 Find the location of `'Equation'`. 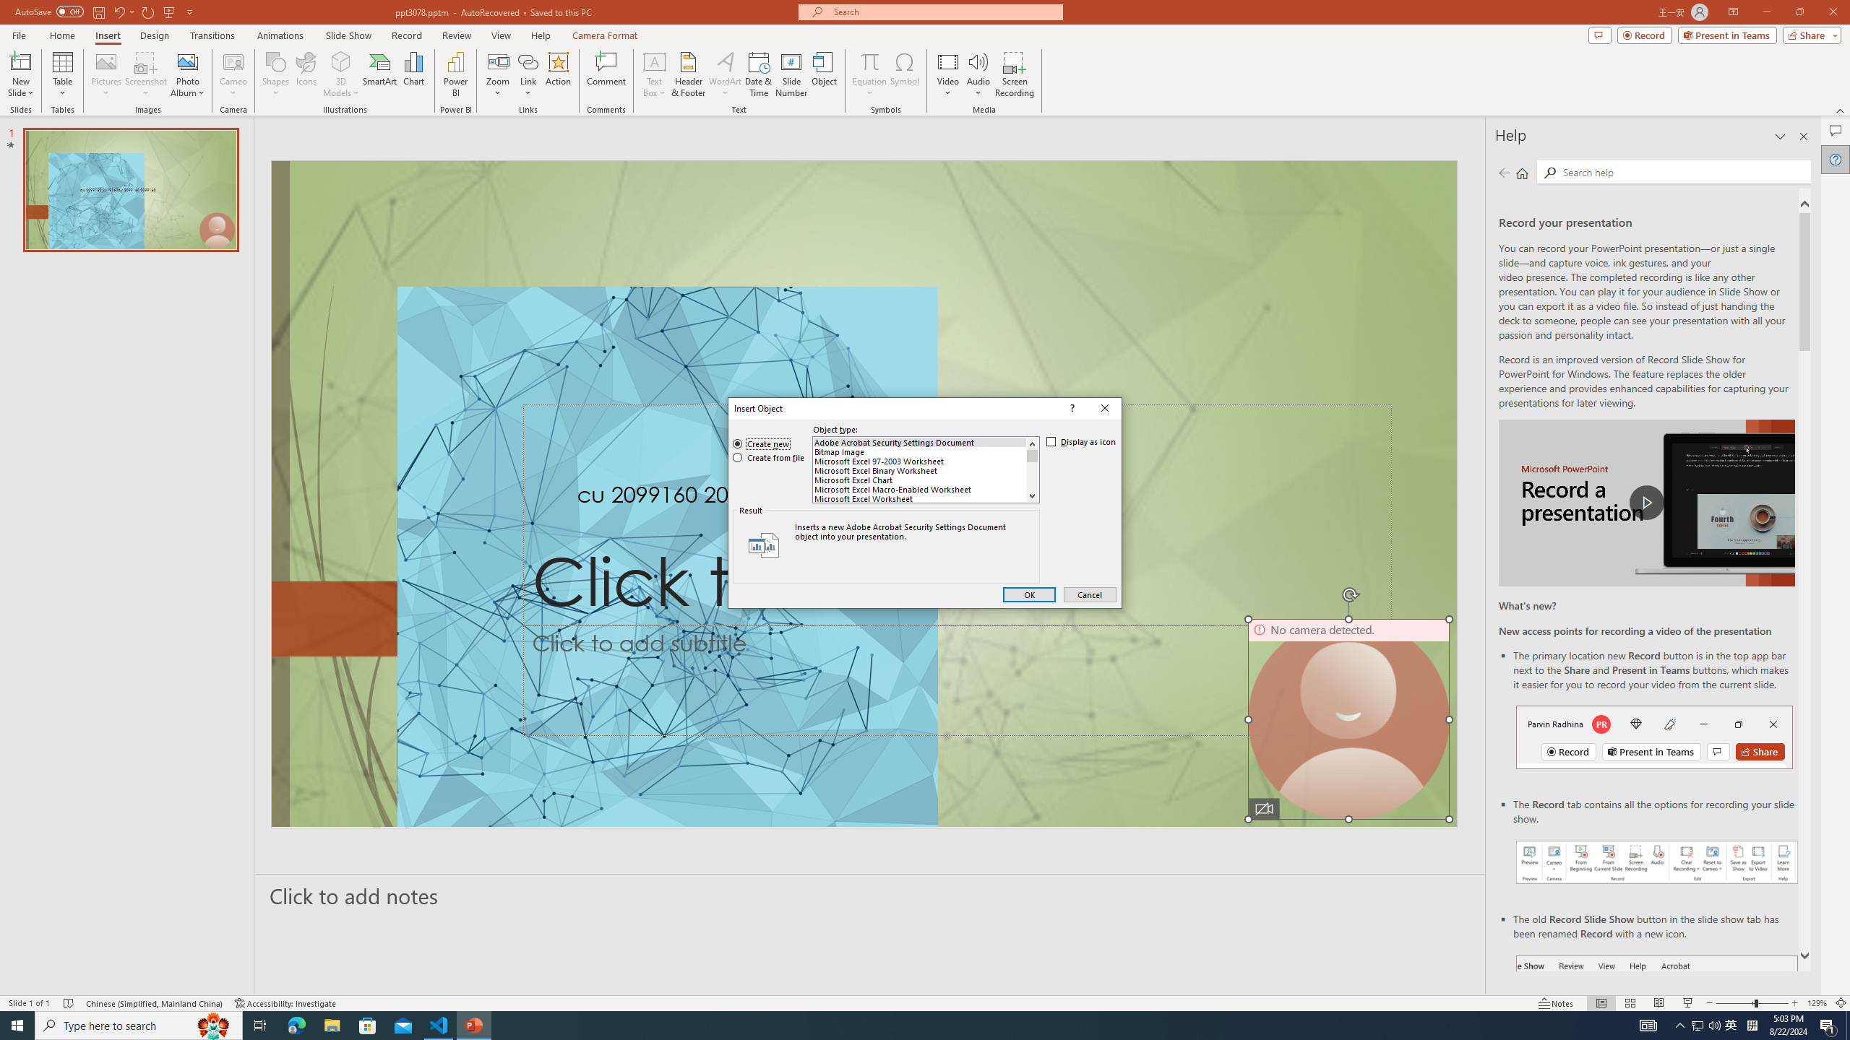

'Equation' is located at coordinates (869, 61).